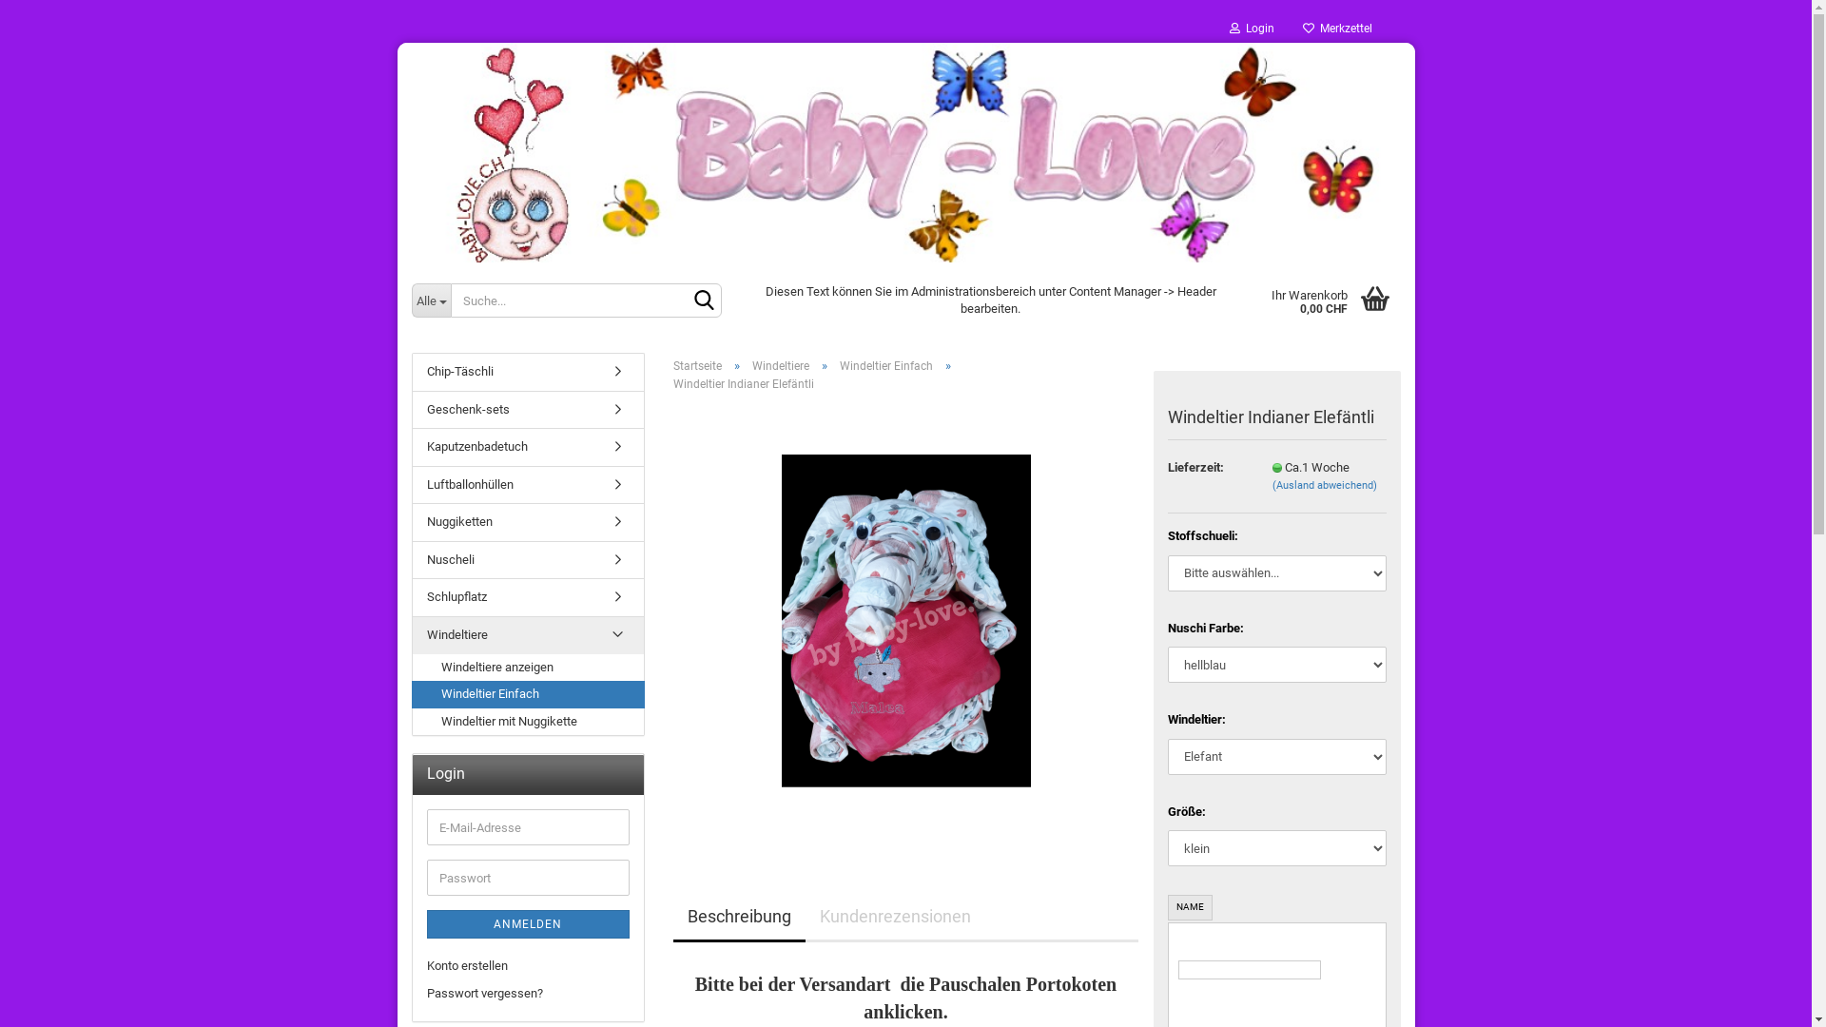 This screenshot has width=1826, height=1027. I want to click on 'Alle', so click(429, 300).